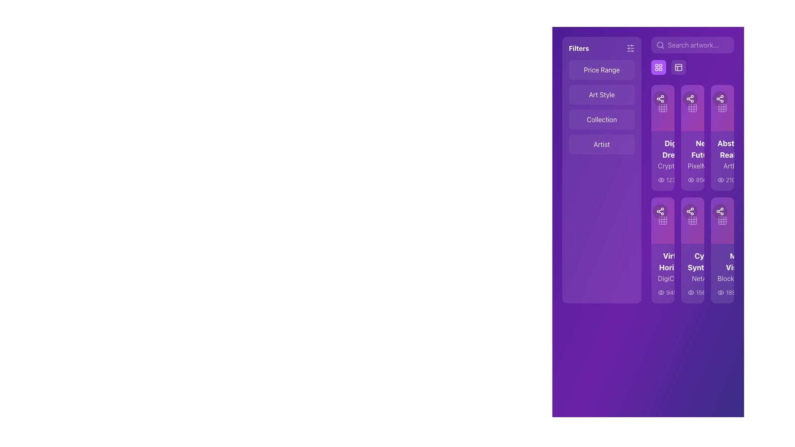  What do you see at coordinates (663, 273) in the screenshot?
I see `the Information Card with a purple background that features the title 'Virtual Horizons', subtitle 'DigiCreator', and numerical information '94578' with an eye-shaped icon, located at the bottom-left corner of the grid layout` at bounding box center [663, 273].